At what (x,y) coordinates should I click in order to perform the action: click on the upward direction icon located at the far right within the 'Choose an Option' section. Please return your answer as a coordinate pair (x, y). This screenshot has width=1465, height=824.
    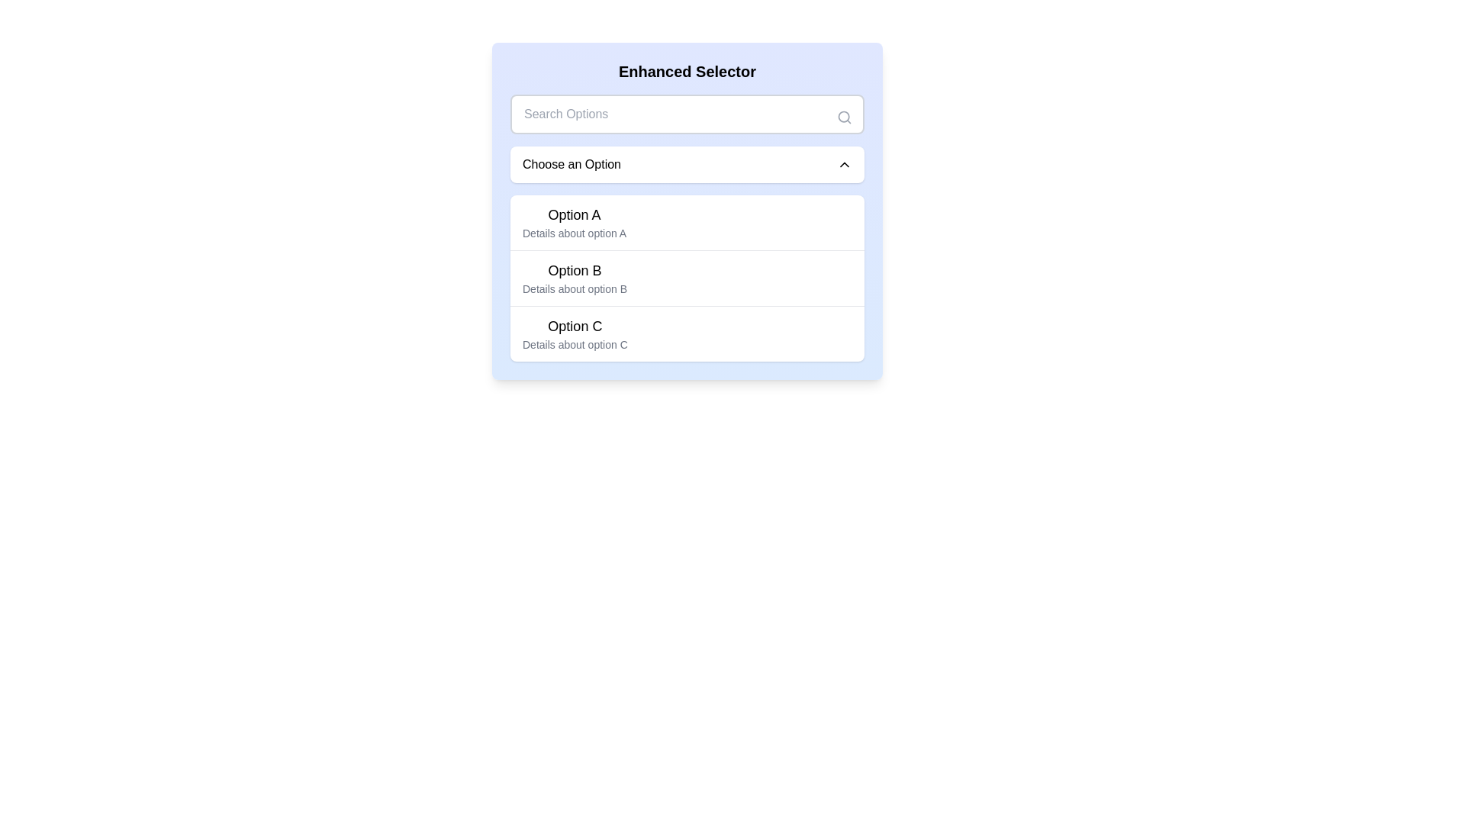
    Looking at the image, I should click on (844, 165).